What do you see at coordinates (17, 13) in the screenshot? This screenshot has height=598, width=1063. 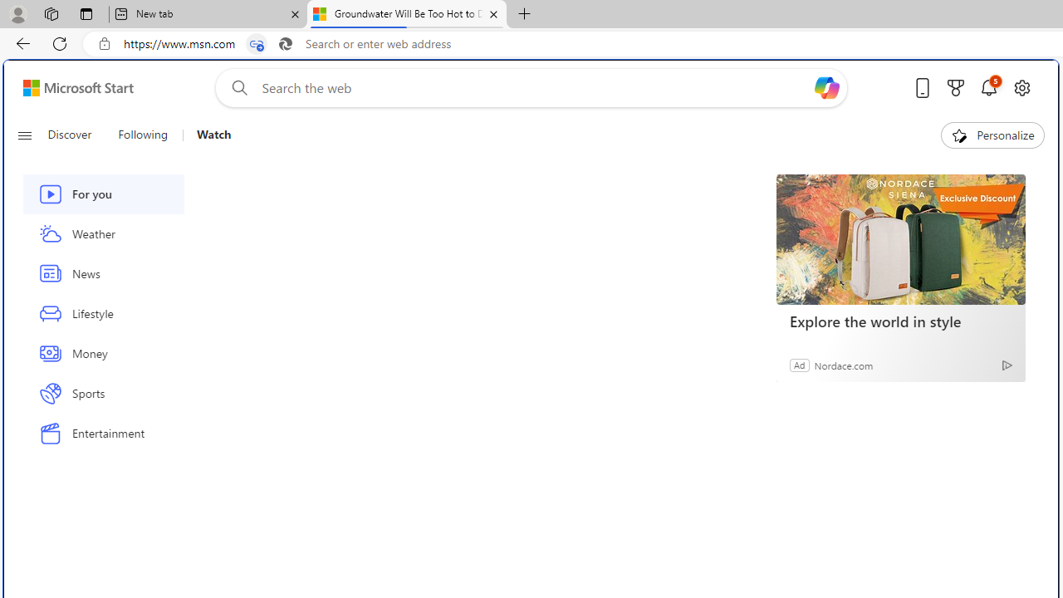 I see `'Personal Profile'` at bounding box center [17, 13].